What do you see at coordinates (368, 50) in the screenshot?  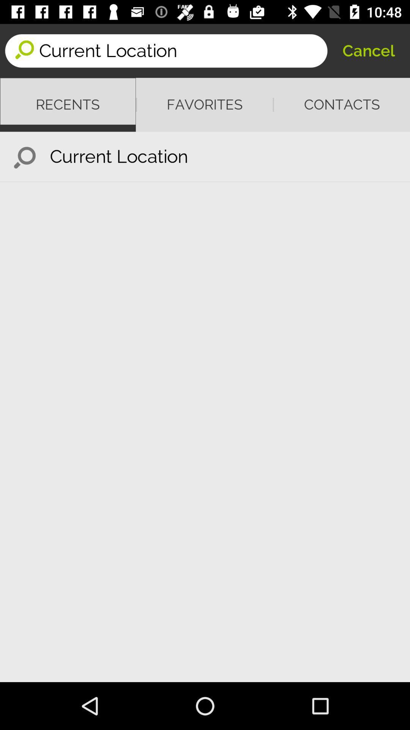 I see `cancel item` at bounding box center [368, 50].